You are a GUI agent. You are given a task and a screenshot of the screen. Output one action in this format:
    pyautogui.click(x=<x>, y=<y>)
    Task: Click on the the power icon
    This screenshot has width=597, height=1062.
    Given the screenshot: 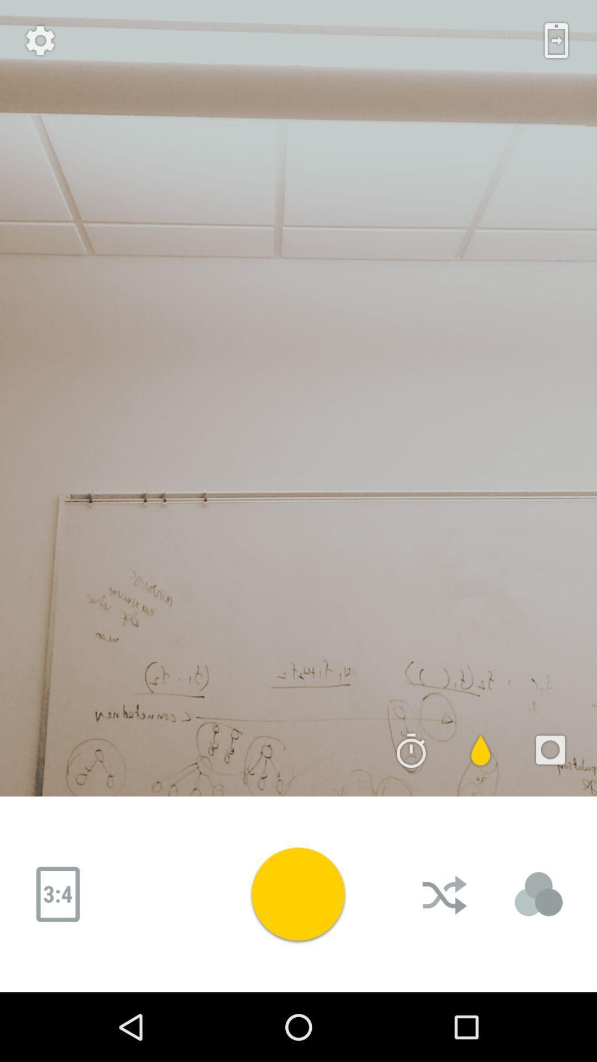 What is the action you would take?
    pyautogui.click(x=480, y=750)
    